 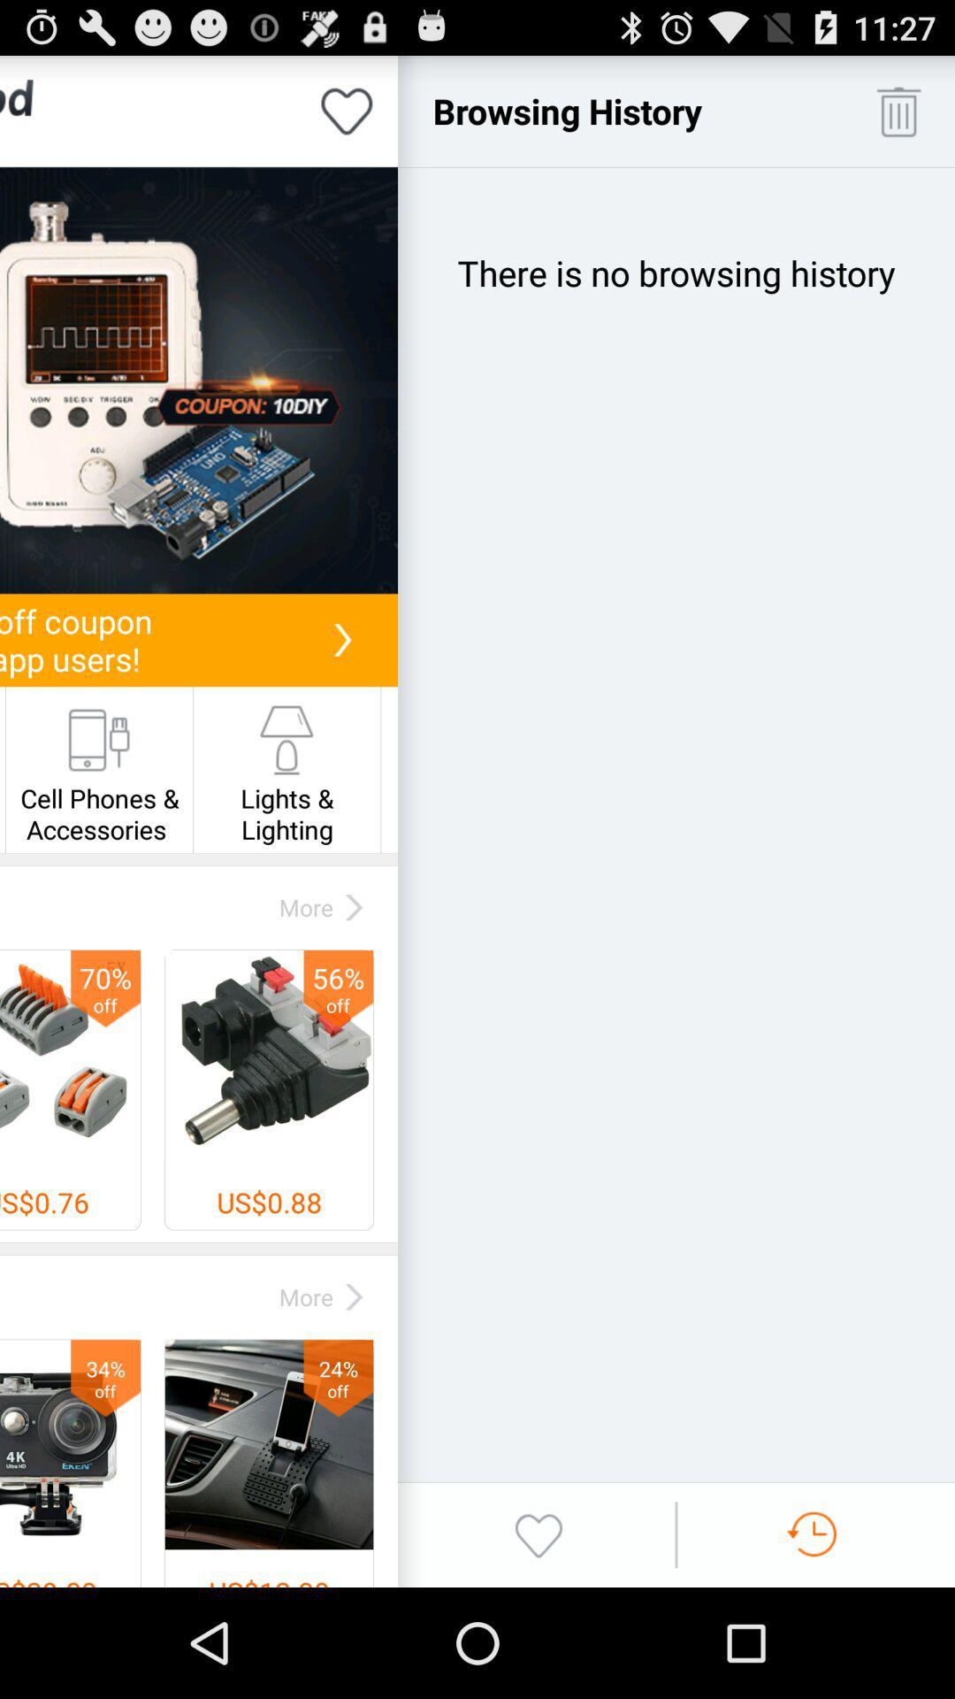 I want to click on to favorites, so click(x=347, y=110).